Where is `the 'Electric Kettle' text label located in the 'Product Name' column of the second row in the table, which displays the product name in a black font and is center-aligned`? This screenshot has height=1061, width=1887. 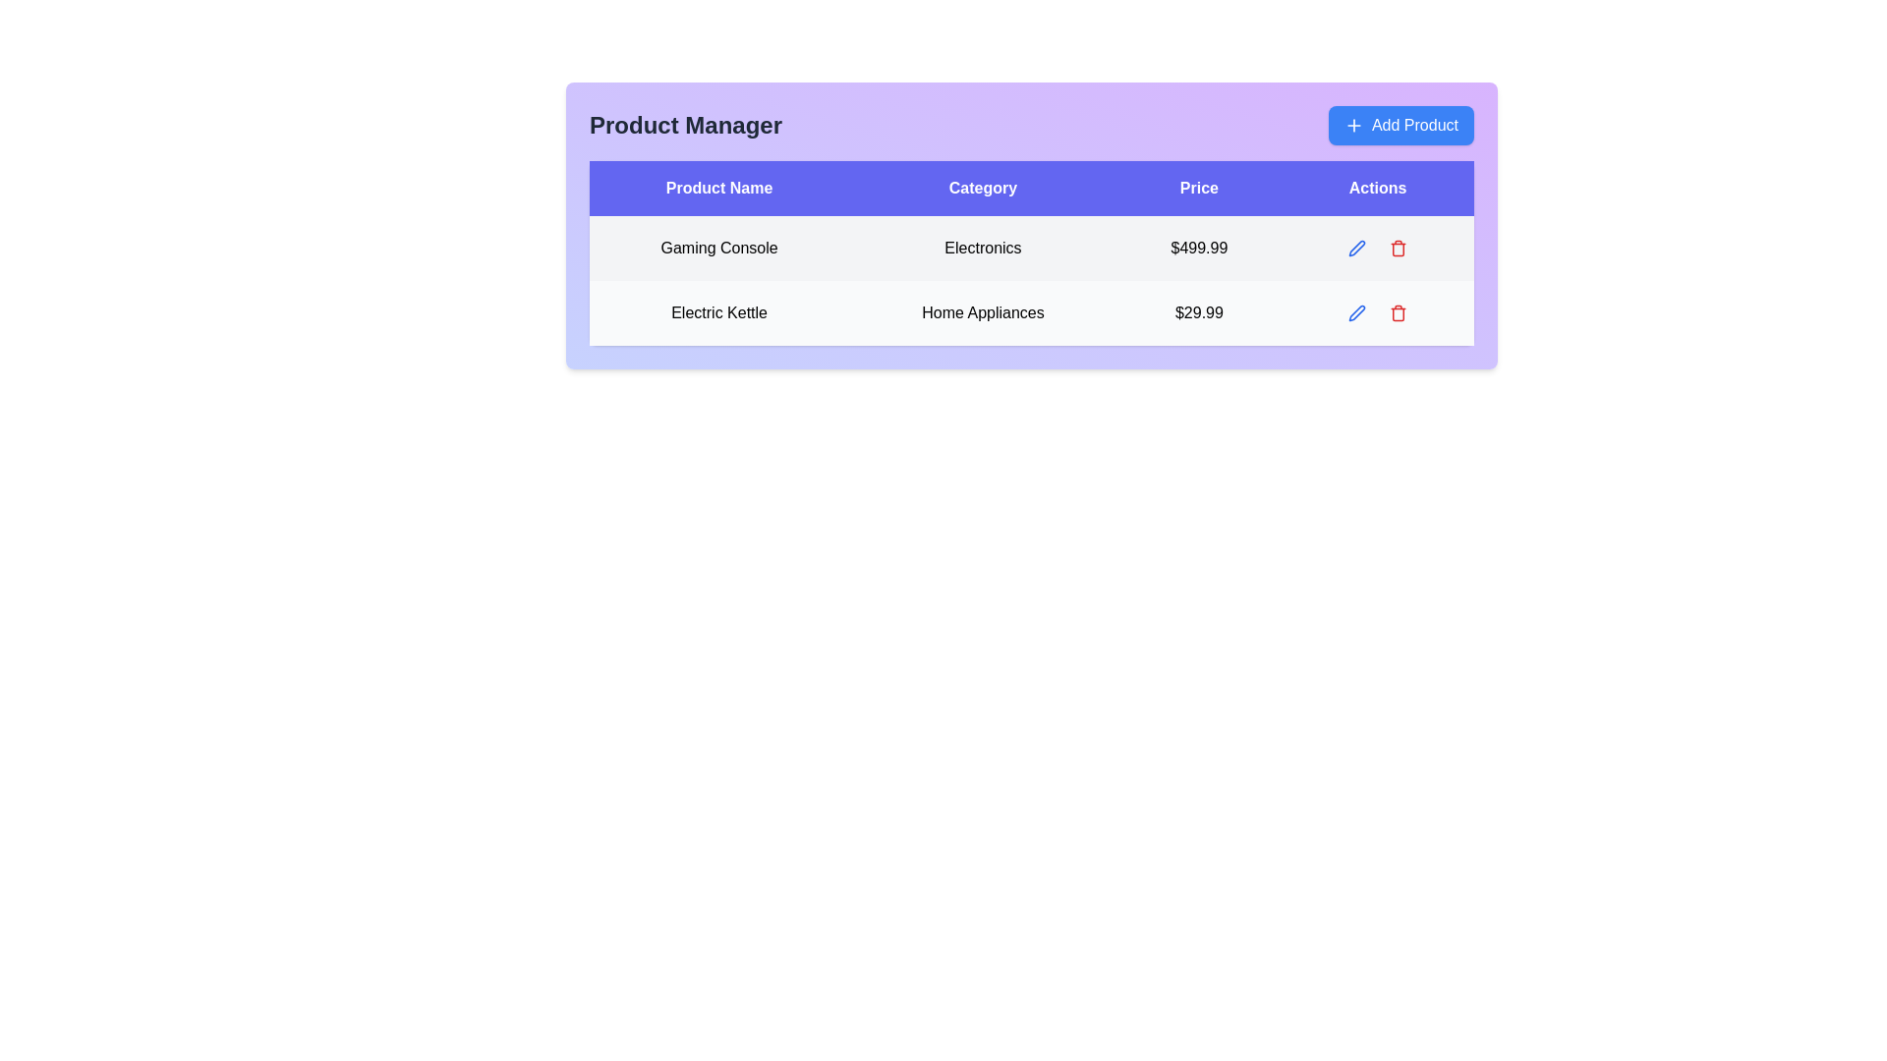 the 'Electric Kettle' text label located in the 'Product Name' column of the second row in the table, which displays the product name in a black font and is center-aligned is located at coordinates (718, 312).